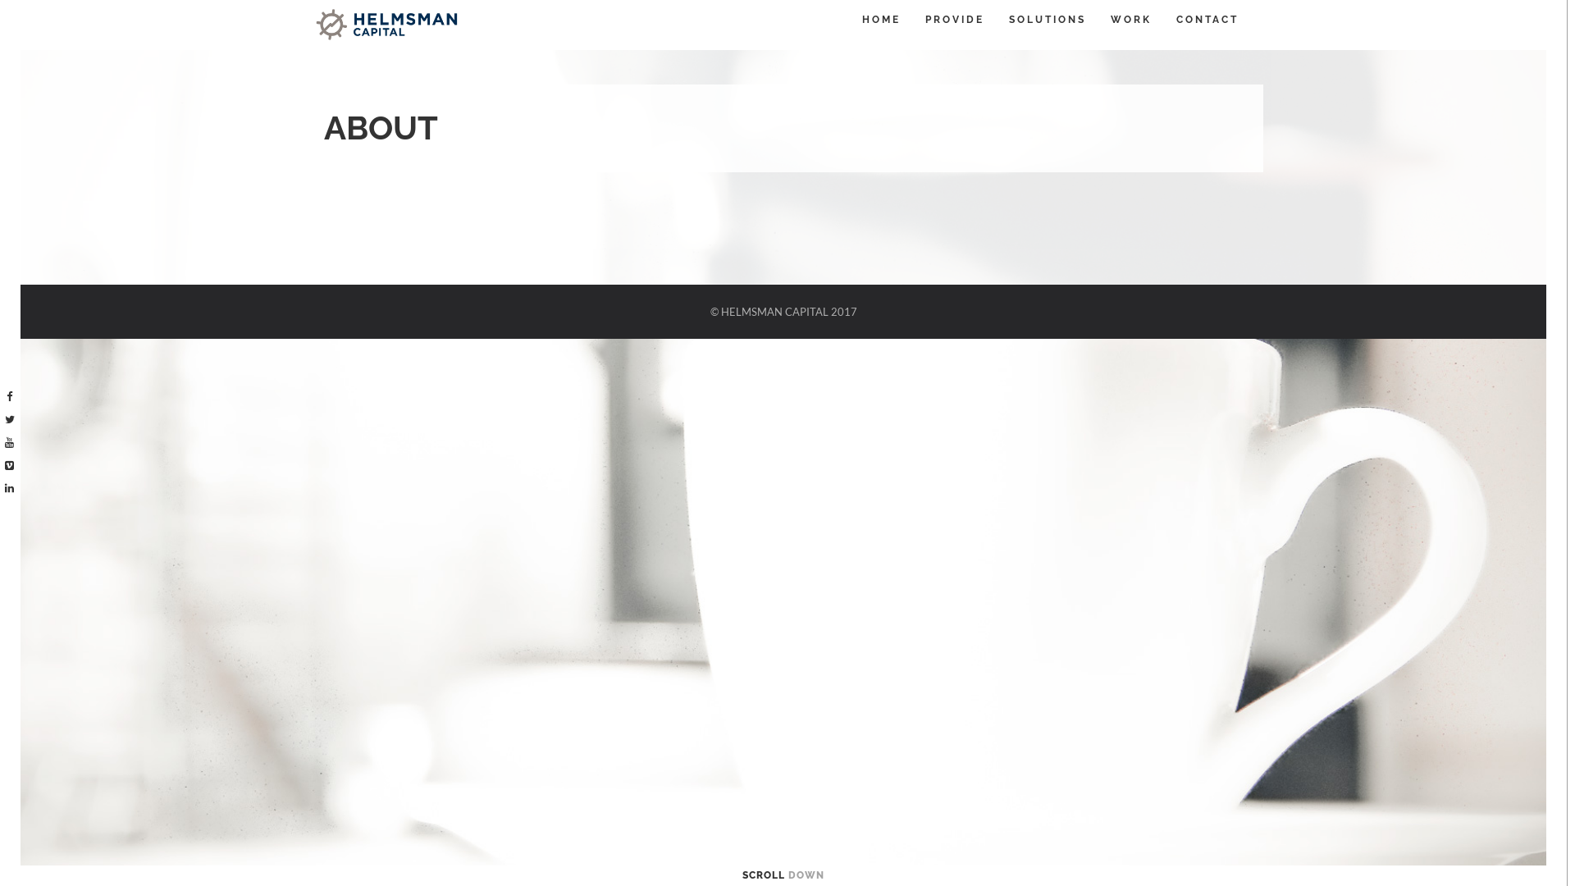 This screenshot has height=886, width=1575. What do you see at coordinates (954, 19) in the screenshot?
I see `'PROVIDE'` at bounding box center [954, 19].